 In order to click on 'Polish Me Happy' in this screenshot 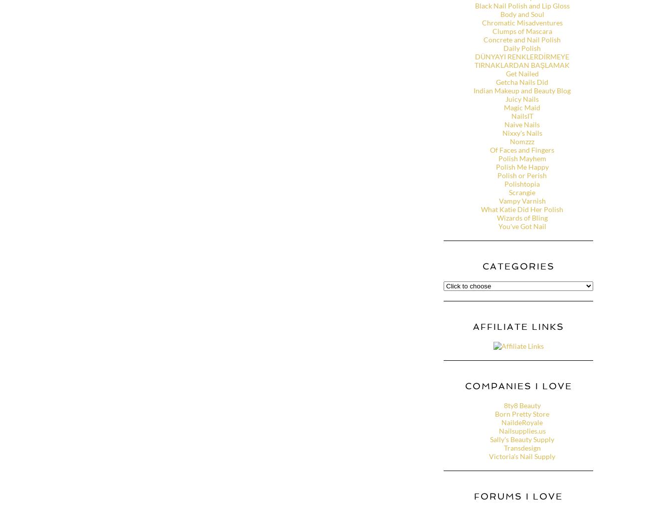, I will do `click(522, 166)`.